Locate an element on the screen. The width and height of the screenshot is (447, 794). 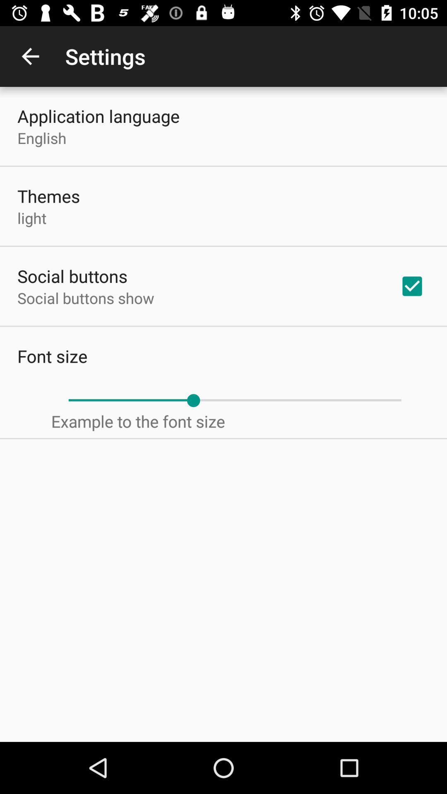
the example to the item is located at coordinates (137, 421).